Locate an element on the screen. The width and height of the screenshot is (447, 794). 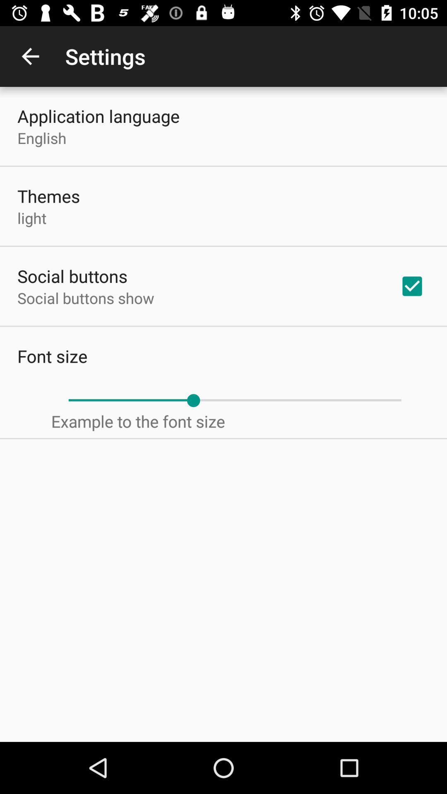
the example to the item is located at coordinates (137, 421).